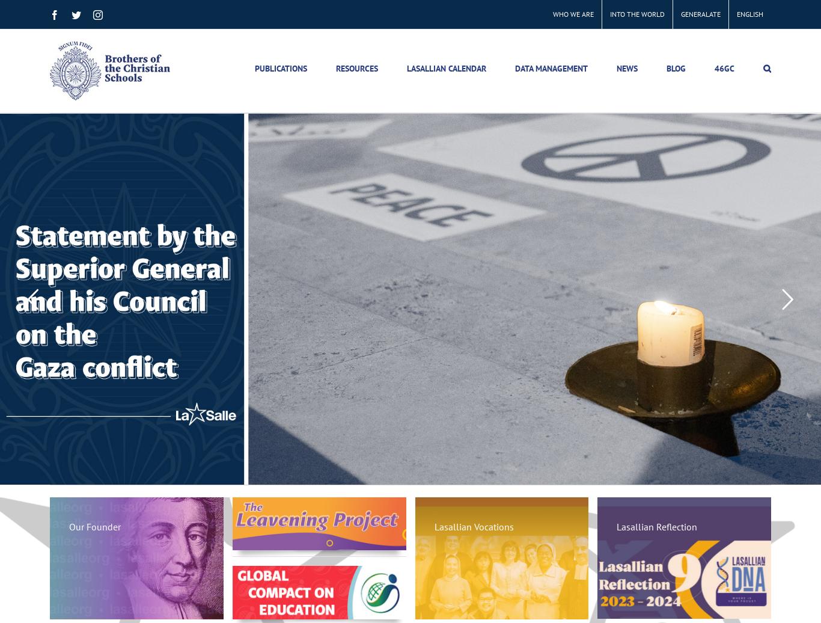  Describe the element at coordinates (656, 527) in the screenshot. I see `'Lasallian Reflection'` at that location.